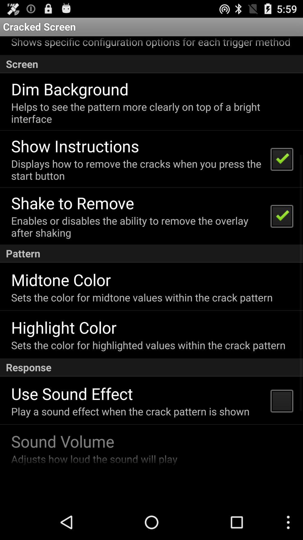 The width and height of the screenshot is (303, 540). Describe the element at coordinates (63, 327) in the screenshot. I see `the highlight color item` at that location.